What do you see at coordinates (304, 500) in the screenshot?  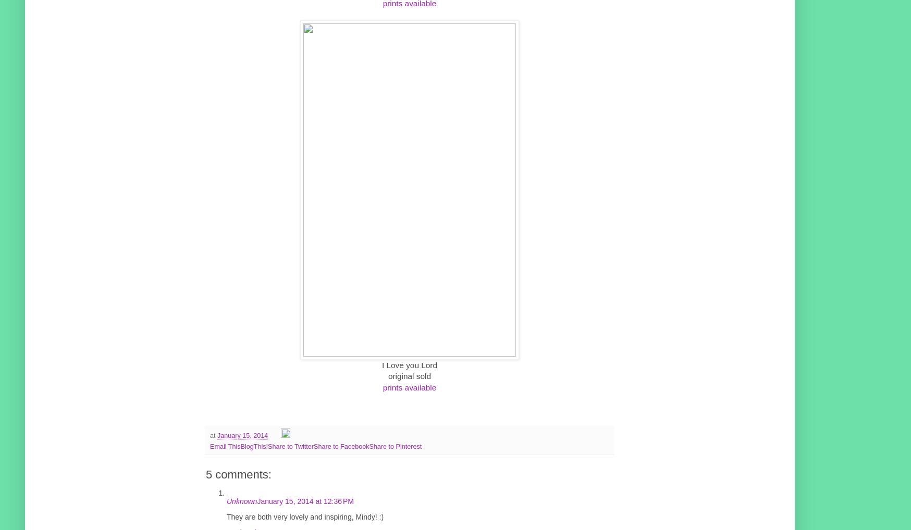 I see `'January 15, 2014 at 12:36 PM'` at bounding box center [304, 500].